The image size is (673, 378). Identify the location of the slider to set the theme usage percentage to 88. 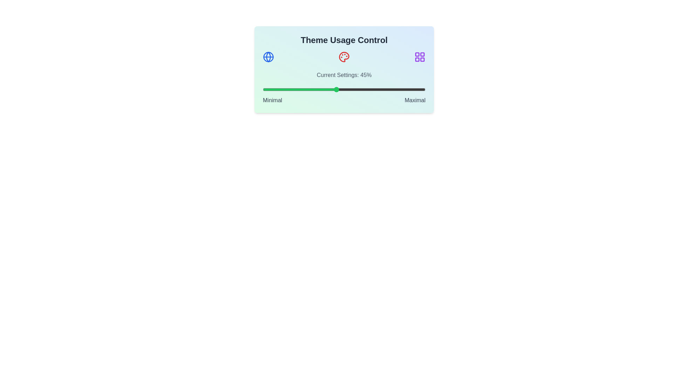
(406, 89).